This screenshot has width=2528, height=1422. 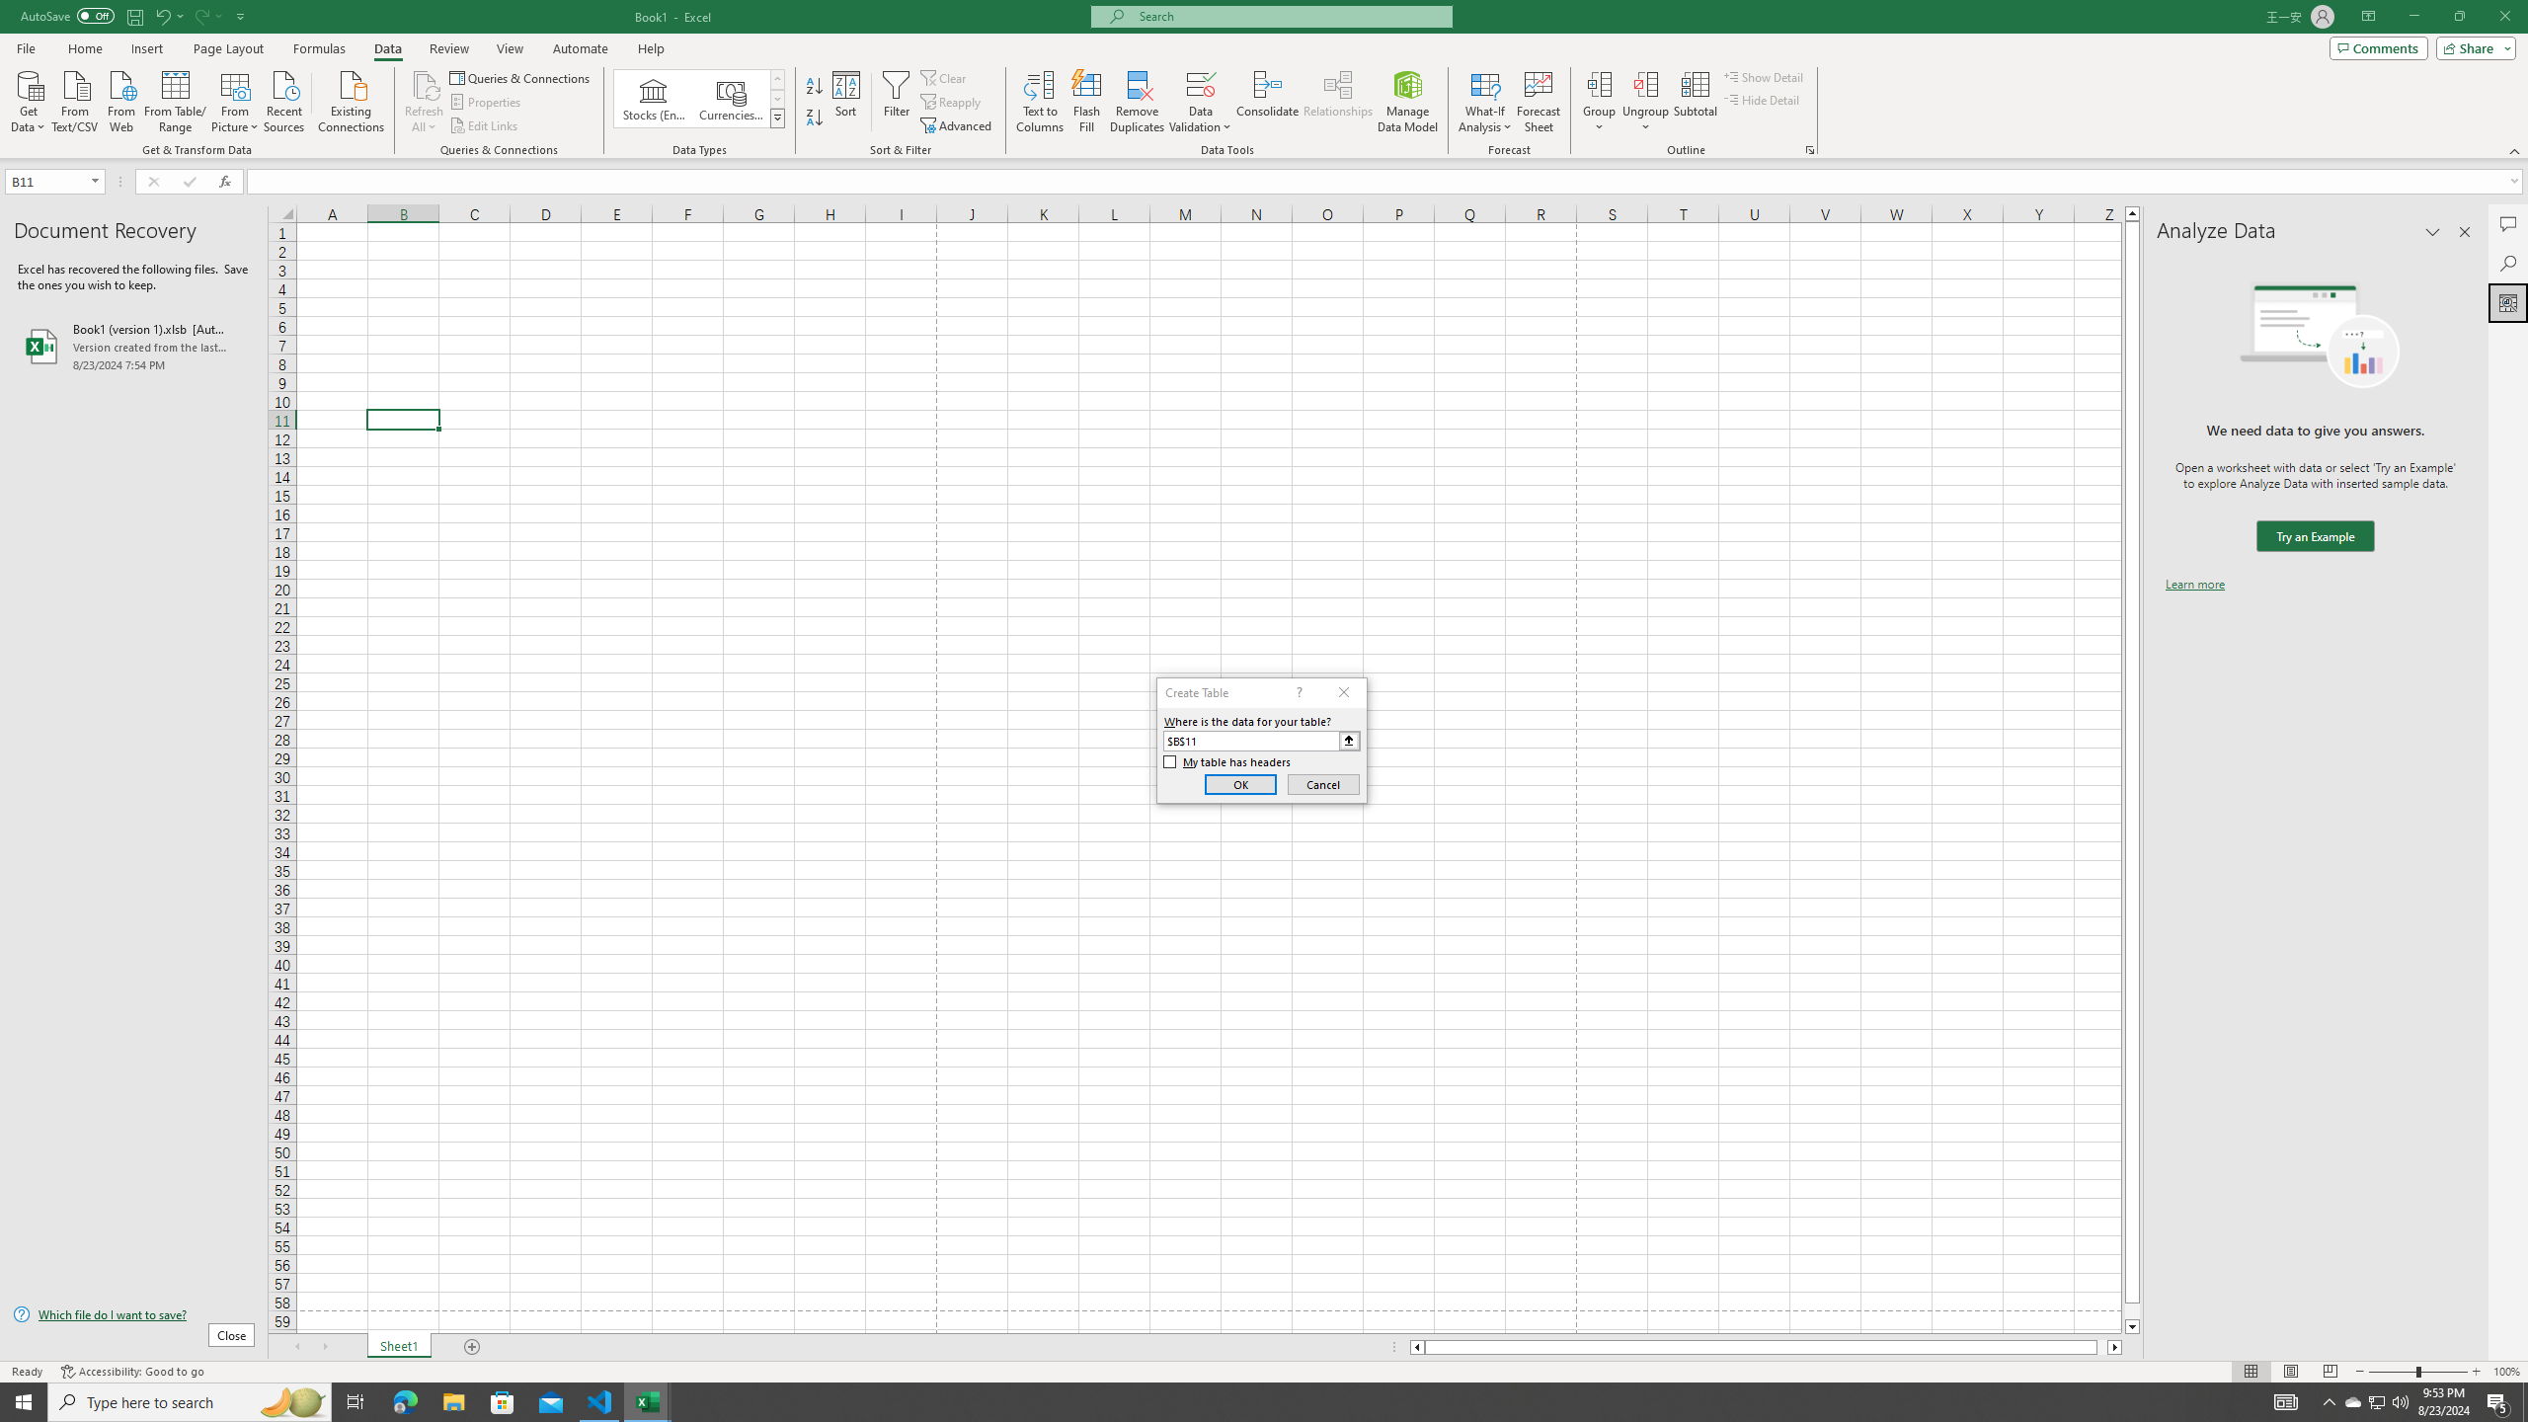 What do you see at coordinates (2132, 1311) in the screenshot?
I see `'Page down'` at bounding box center [2132, 1311].